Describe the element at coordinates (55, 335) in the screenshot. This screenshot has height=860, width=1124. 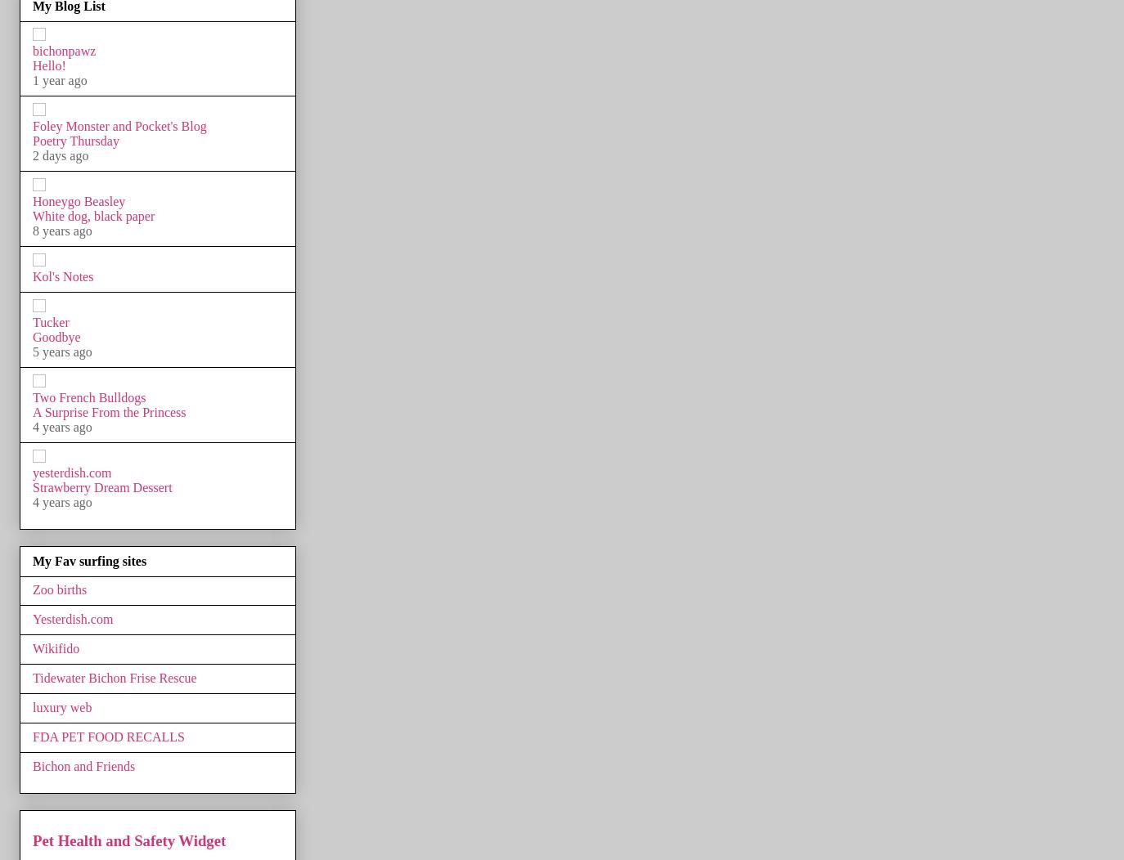
I see `'Goodbye'` at that location.